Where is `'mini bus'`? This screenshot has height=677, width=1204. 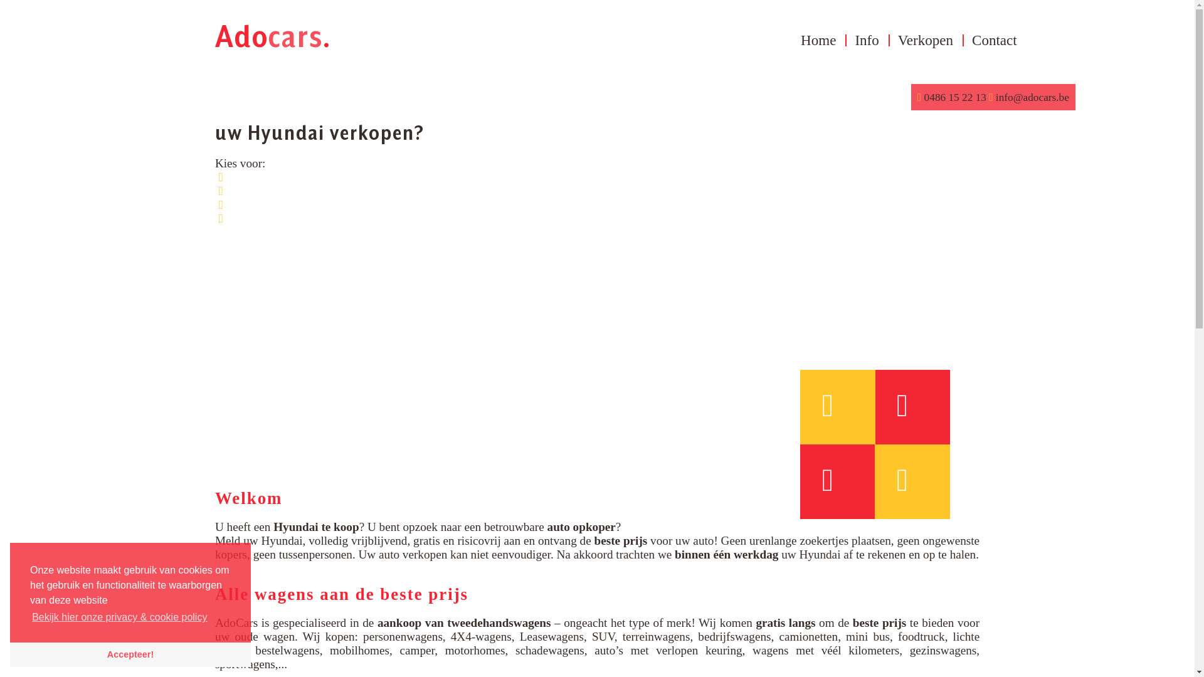 'mini bus' is located at coordinates (867, 636).